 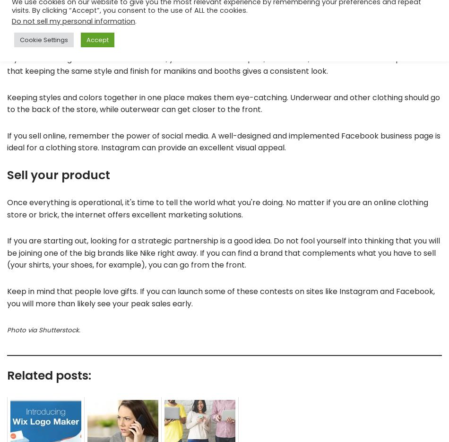 What do you see at coordinates (43, 329) in the screenshot?
I see `'Photo via Shutterstock.'` at bounding box center [43, 329].